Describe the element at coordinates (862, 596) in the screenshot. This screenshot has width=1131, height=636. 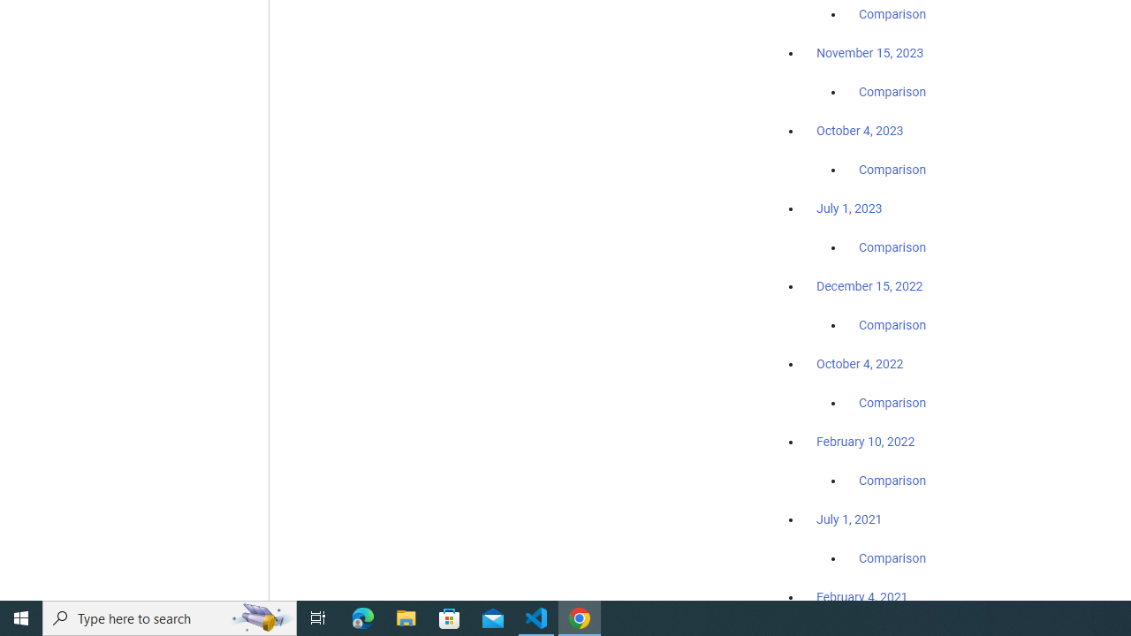
I see `'February 4, 2021'` at that location.